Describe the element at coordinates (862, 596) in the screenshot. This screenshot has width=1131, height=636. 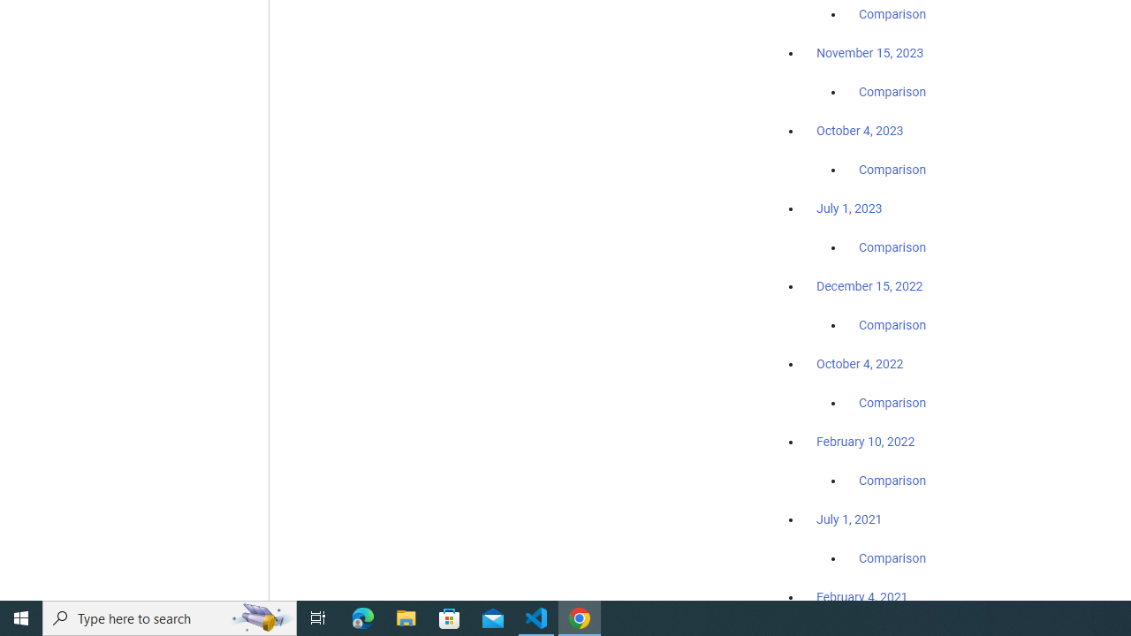
I see `'February 4, 2021'` at that location.